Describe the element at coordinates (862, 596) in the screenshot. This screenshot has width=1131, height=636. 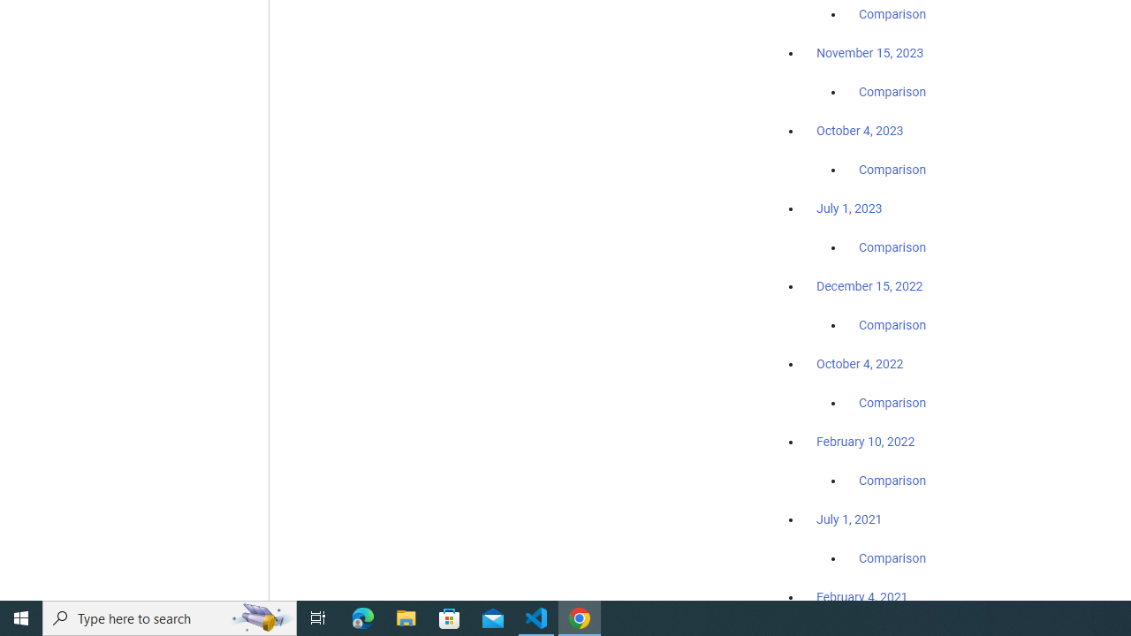
I see `'February 4, 2021'` at that location.